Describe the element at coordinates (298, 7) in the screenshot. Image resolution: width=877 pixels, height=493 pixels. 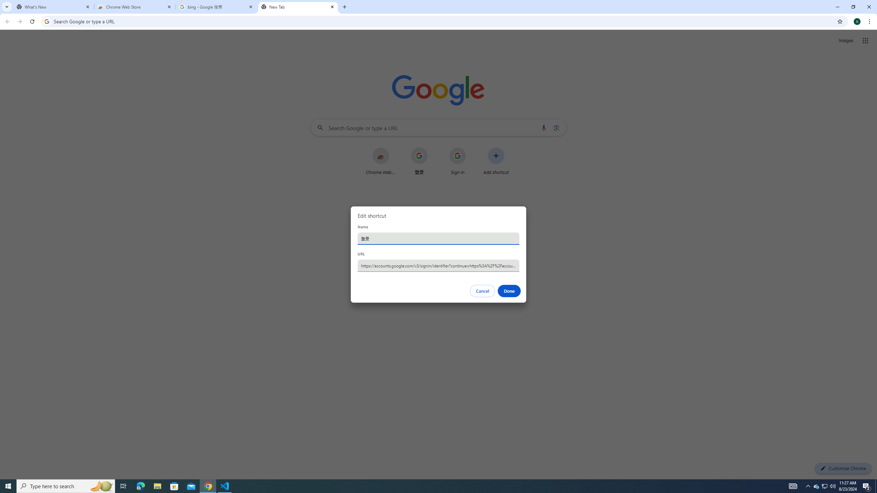
I see `'New Tab'` at that location.